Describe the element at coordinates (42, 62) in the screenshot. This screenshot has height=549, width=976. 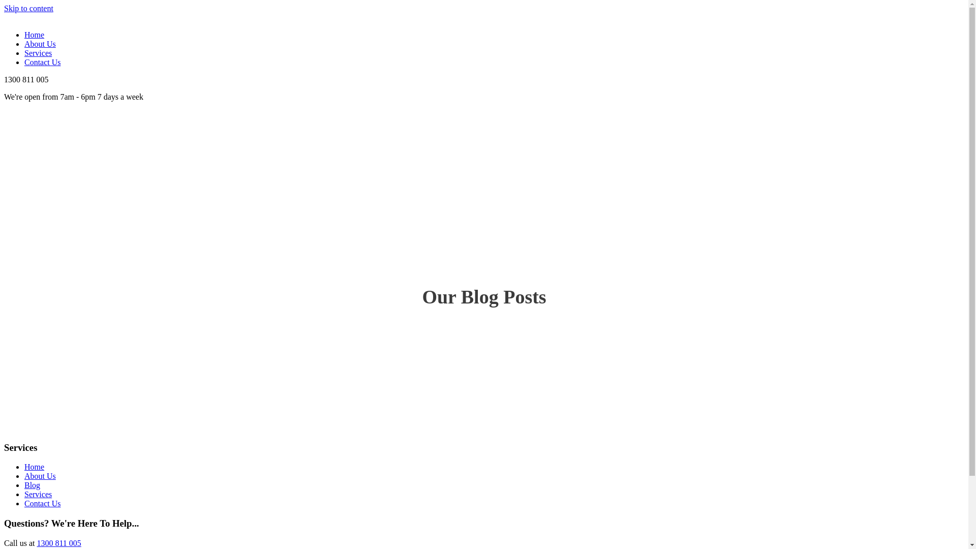
I see `'Contact Us'` at that location.